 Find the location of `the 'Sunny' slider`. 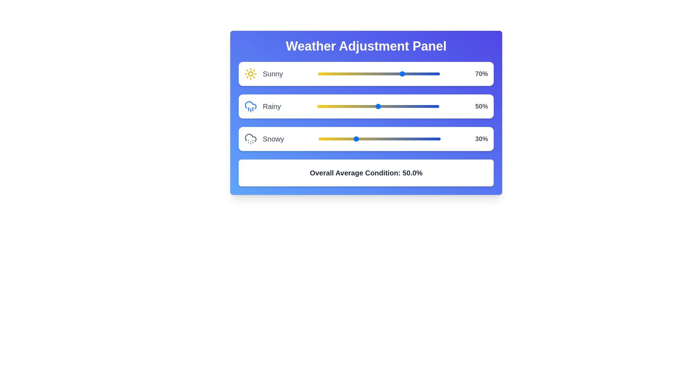

the 'Sunny' slider is located at coordinates (436, 72).